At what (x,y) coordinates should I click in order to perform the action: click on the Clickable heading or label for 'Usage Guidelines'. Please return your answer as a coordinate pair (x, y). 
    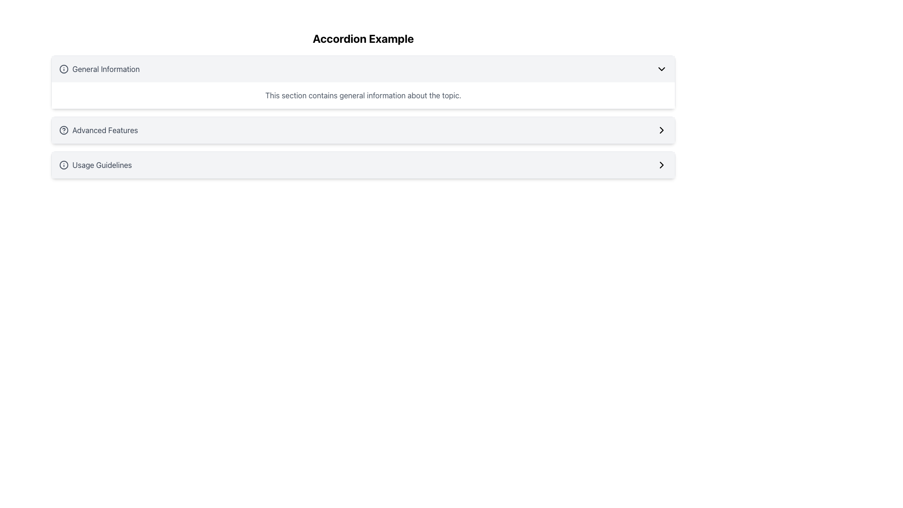
    Looking at the image, I should click on (95, 165).